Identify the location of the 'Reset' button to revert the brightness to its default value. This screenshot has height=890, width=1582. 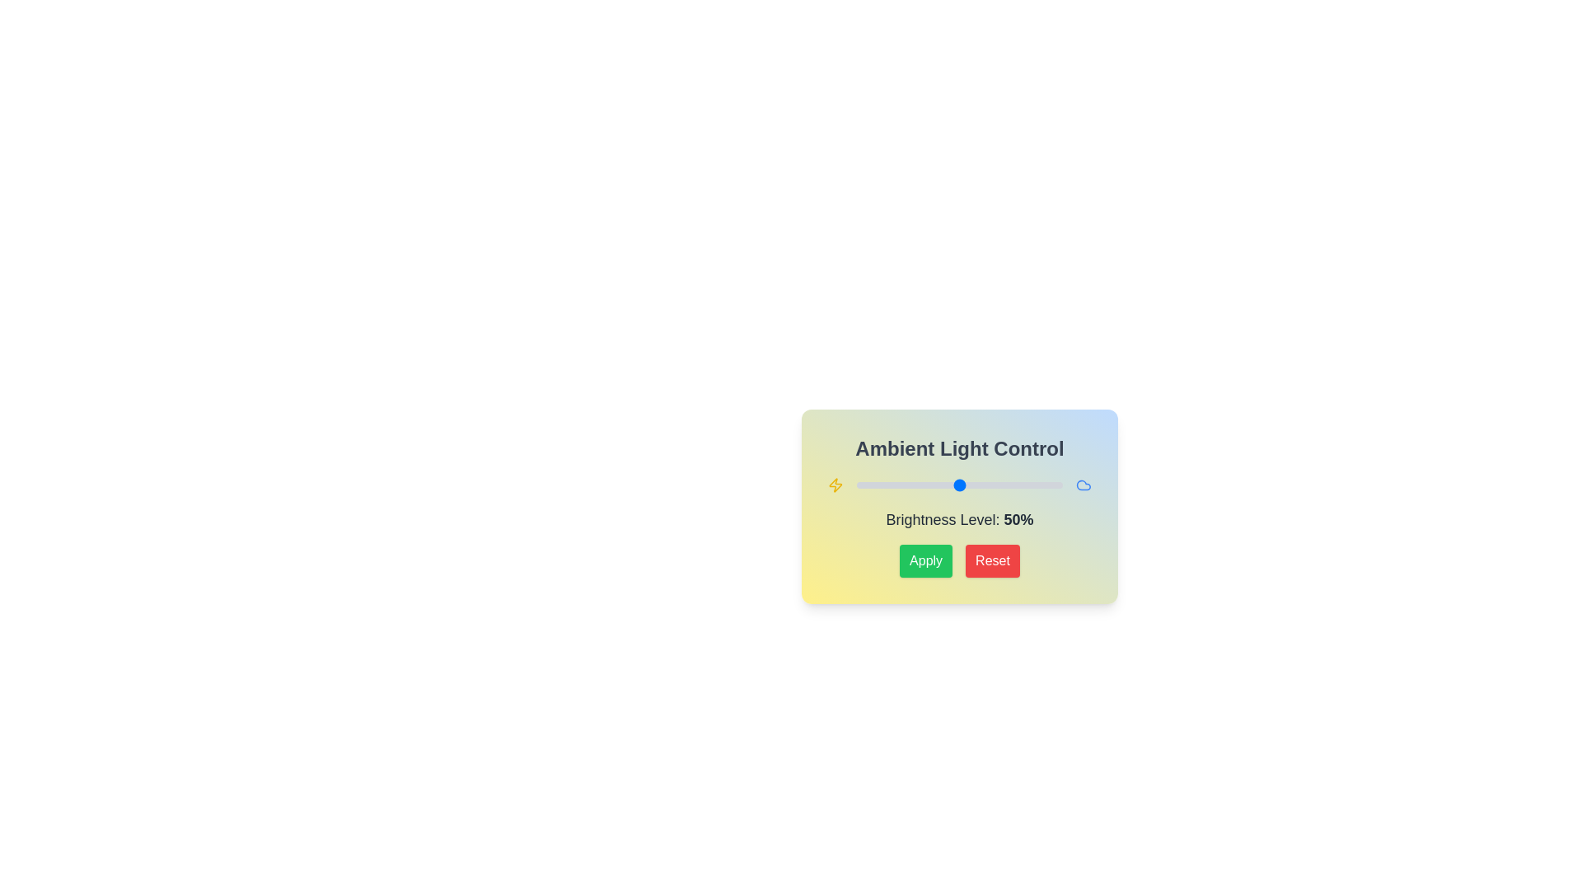
(991, 560).